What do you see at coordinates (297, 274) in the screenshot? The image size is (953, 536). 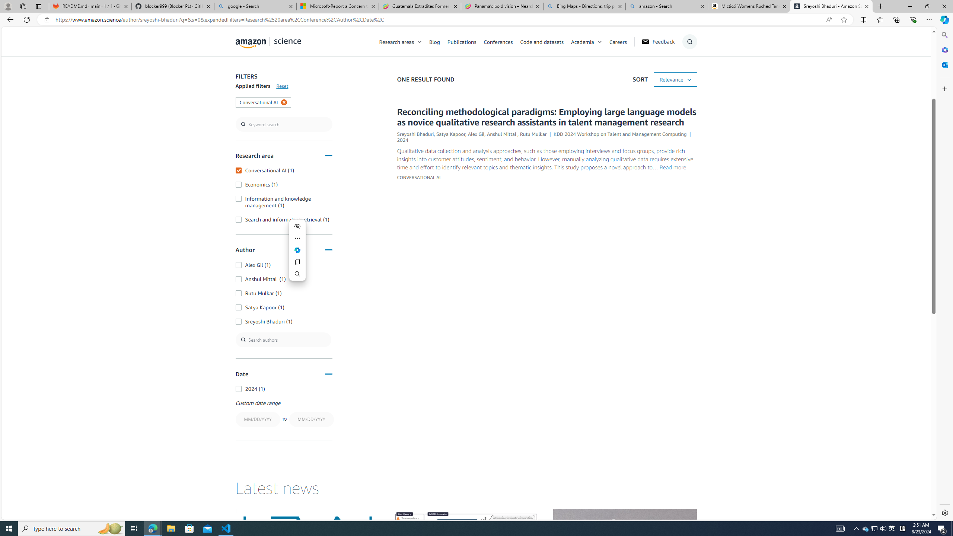 I see `'Search'` at bounding box center [297, 274].